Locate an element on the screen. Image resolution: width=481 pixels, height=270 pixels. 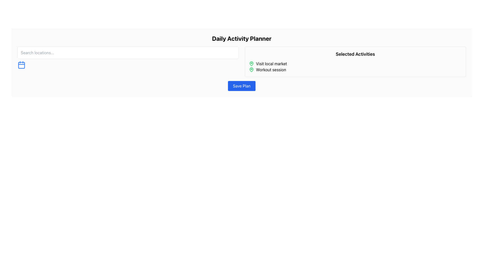
the first selectable text label in the 'Selected Activities' section, positioned to the right of the green map pin icon is located at coordinates (271, 63).